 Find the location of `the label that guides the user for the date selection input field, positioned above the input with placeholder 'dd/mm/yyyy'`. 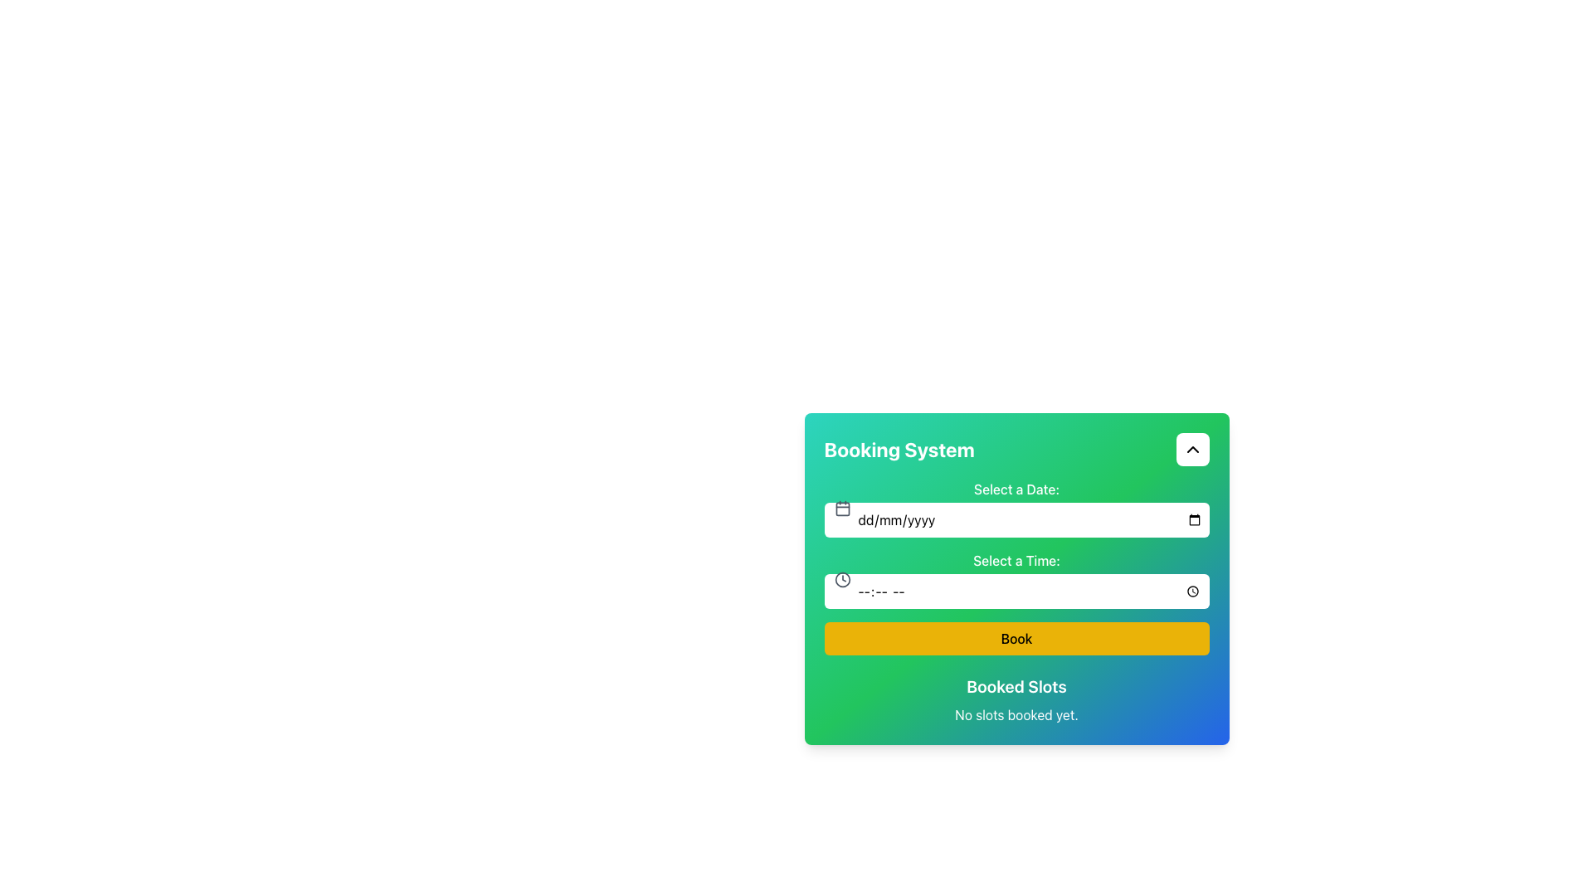

the label that guides the user for the date selection input field, positioned above the input with placeholder 'dd/mm/yyyy' is located at coordinates (1016, 489).